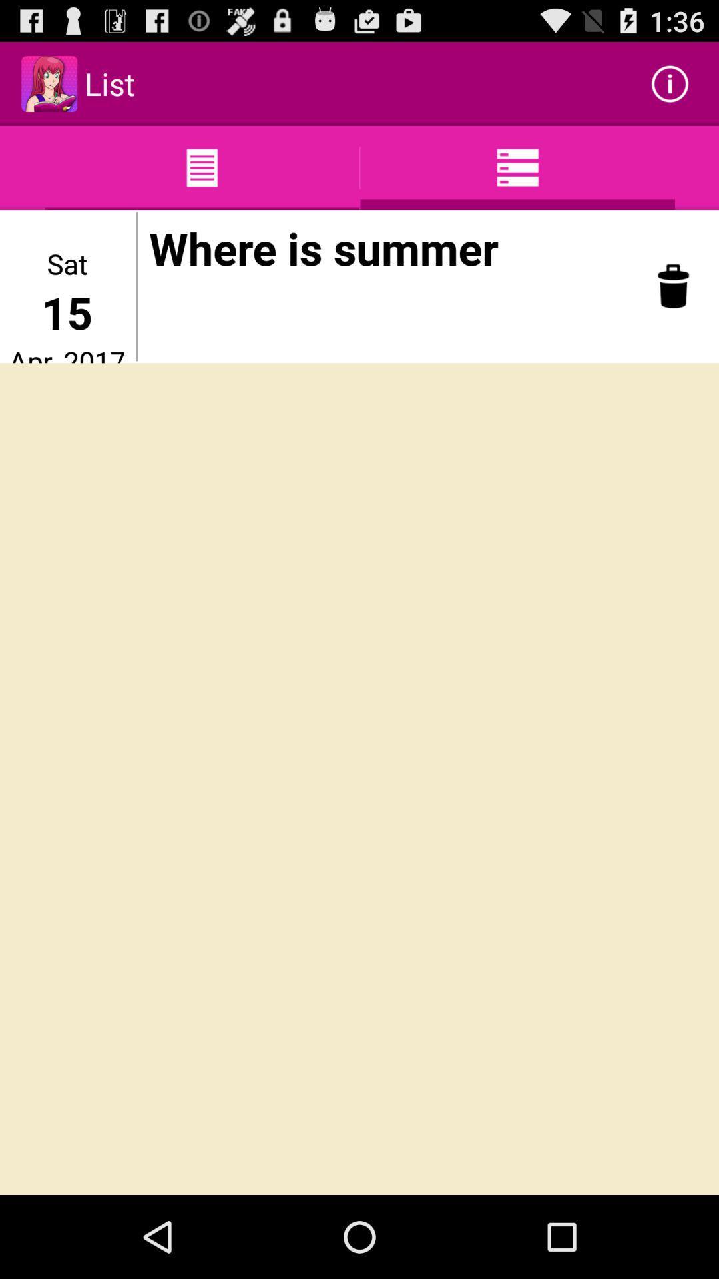 Image resolution: width=719 pixels, height=1279 pixels. Describe the element at coordinates (67, 312) in the screenshot. I see `the 15` at that location.